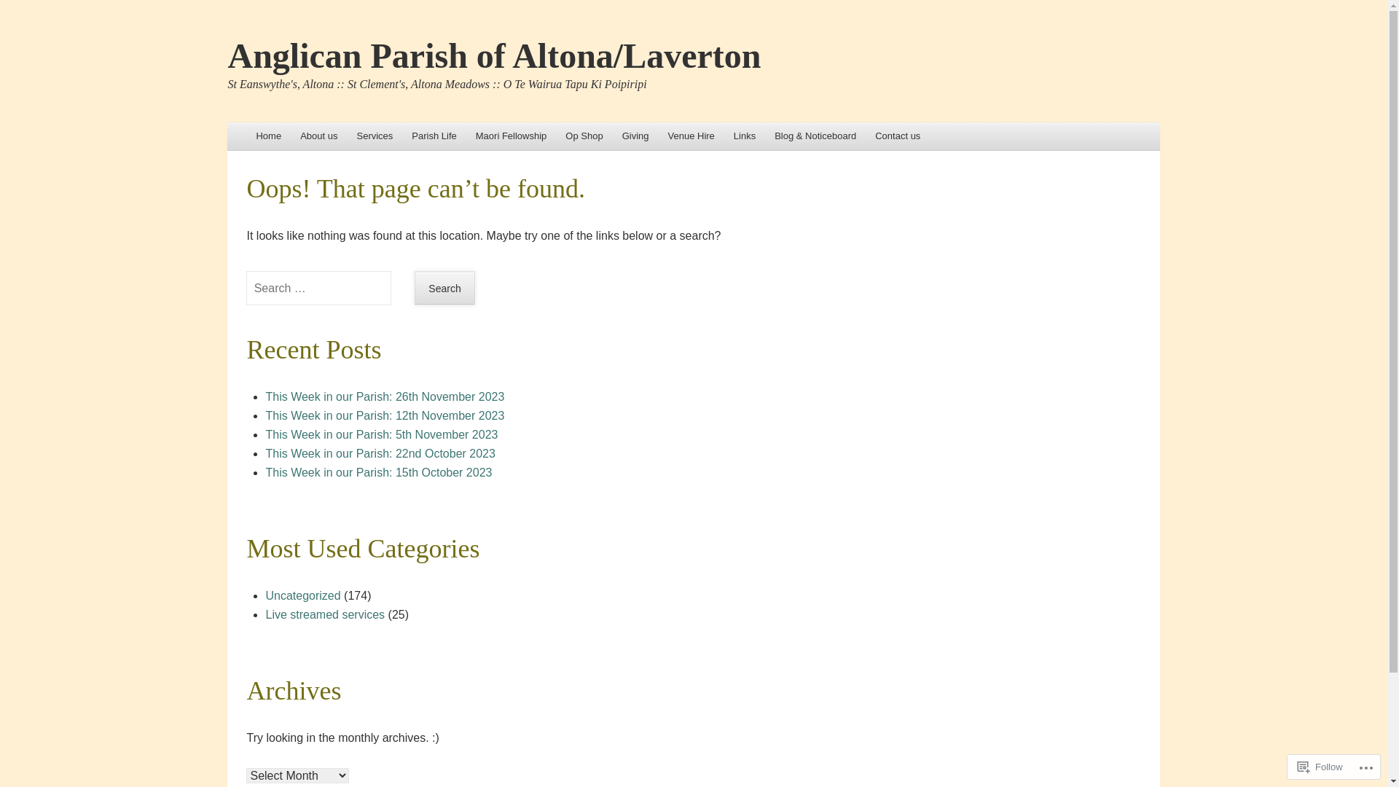 The width and height of the screenshot is (1399, 787). What do you see at coordinates (374, 136) in the screenshot?
I see `'Services'` at bounding box center [374, 136].